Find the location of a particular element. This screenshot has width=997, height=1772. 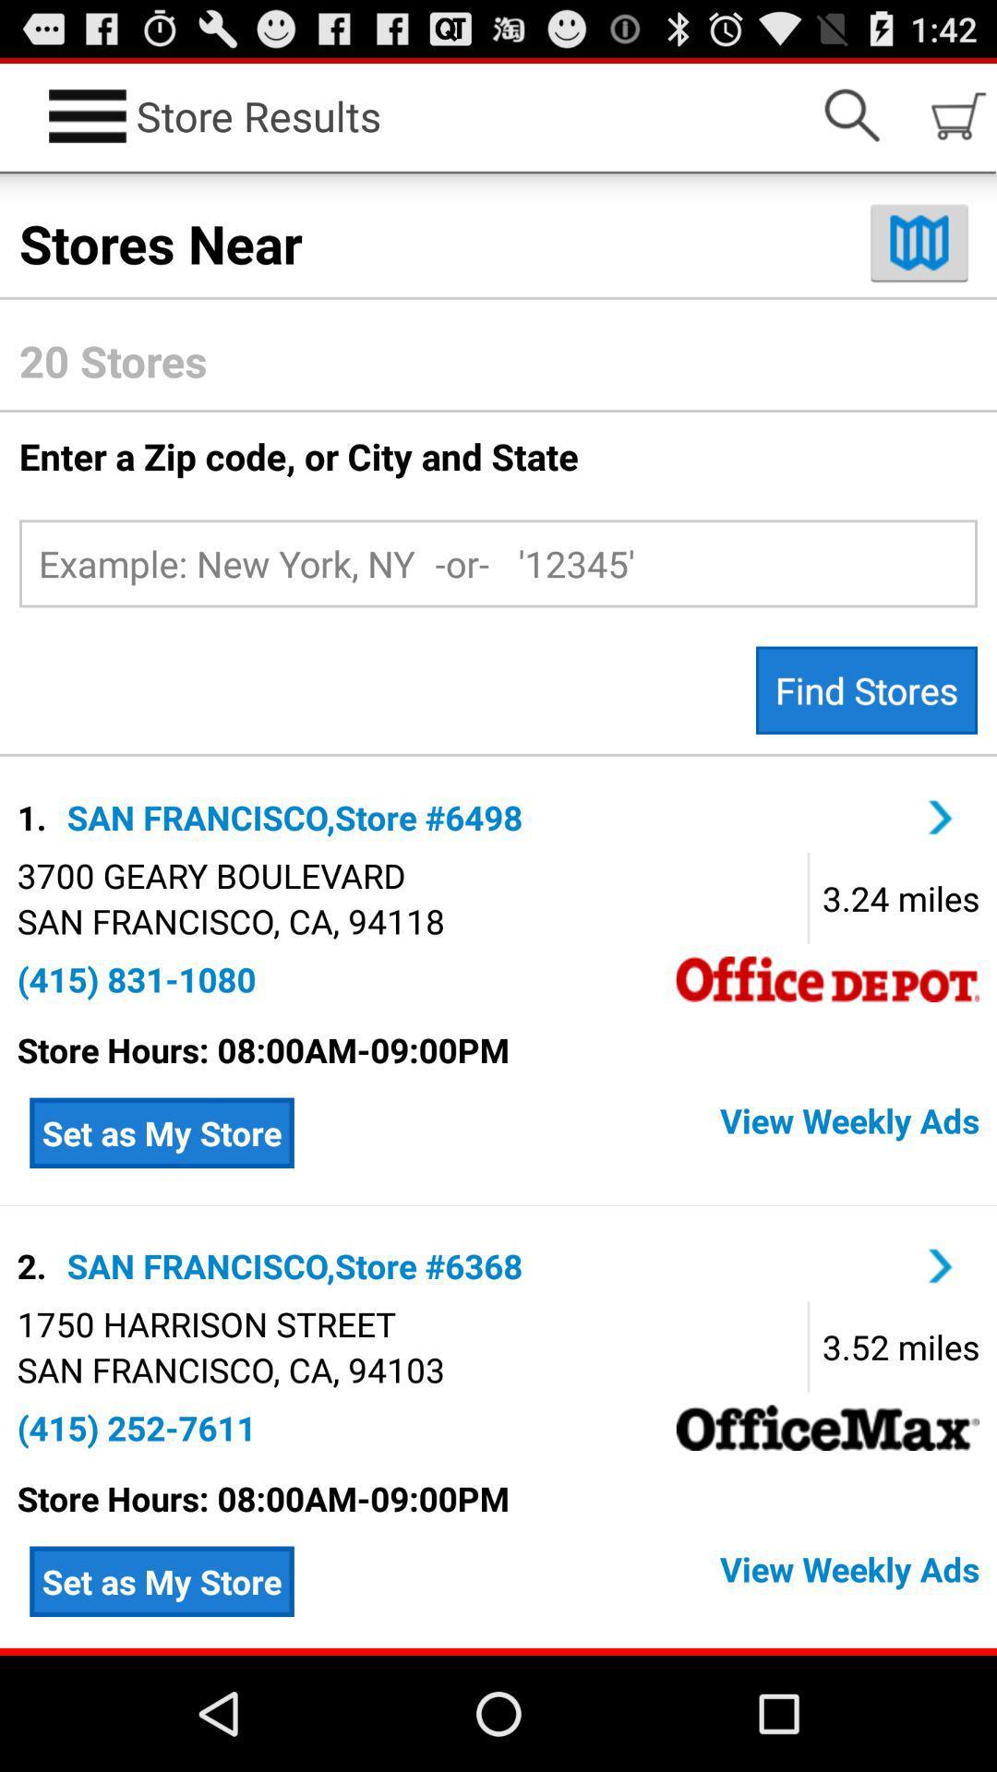

icon below the 1.  app is located at coordinates (210, 874).